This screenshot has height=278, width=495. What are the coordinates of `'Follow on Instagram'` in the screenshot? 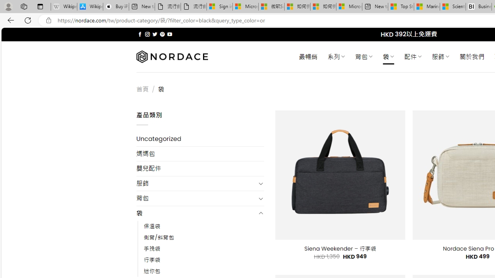 It's located at (147, 34).